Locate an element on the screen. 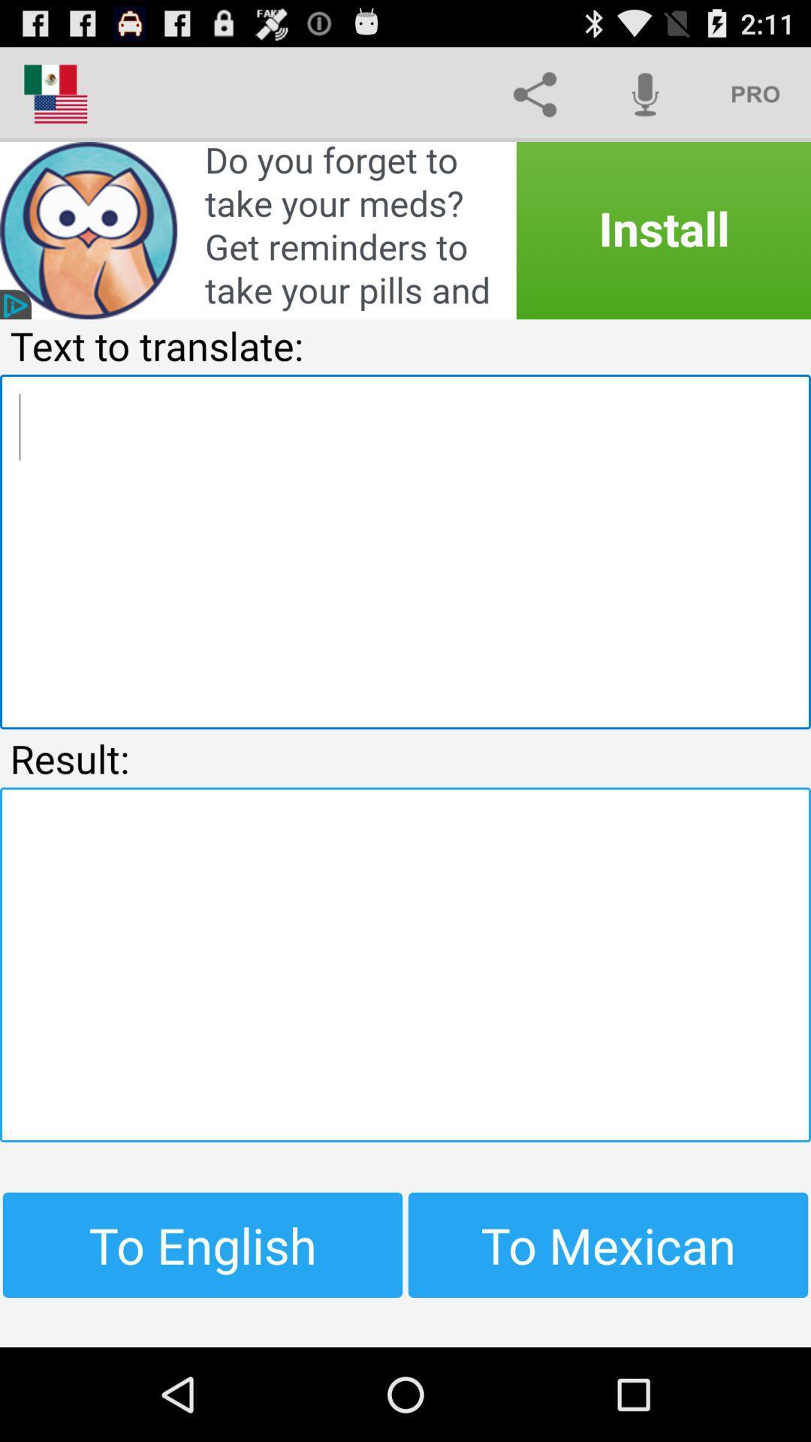 This screenshot has height=1442, width=811. type the result is located at coordinates (405, 964).